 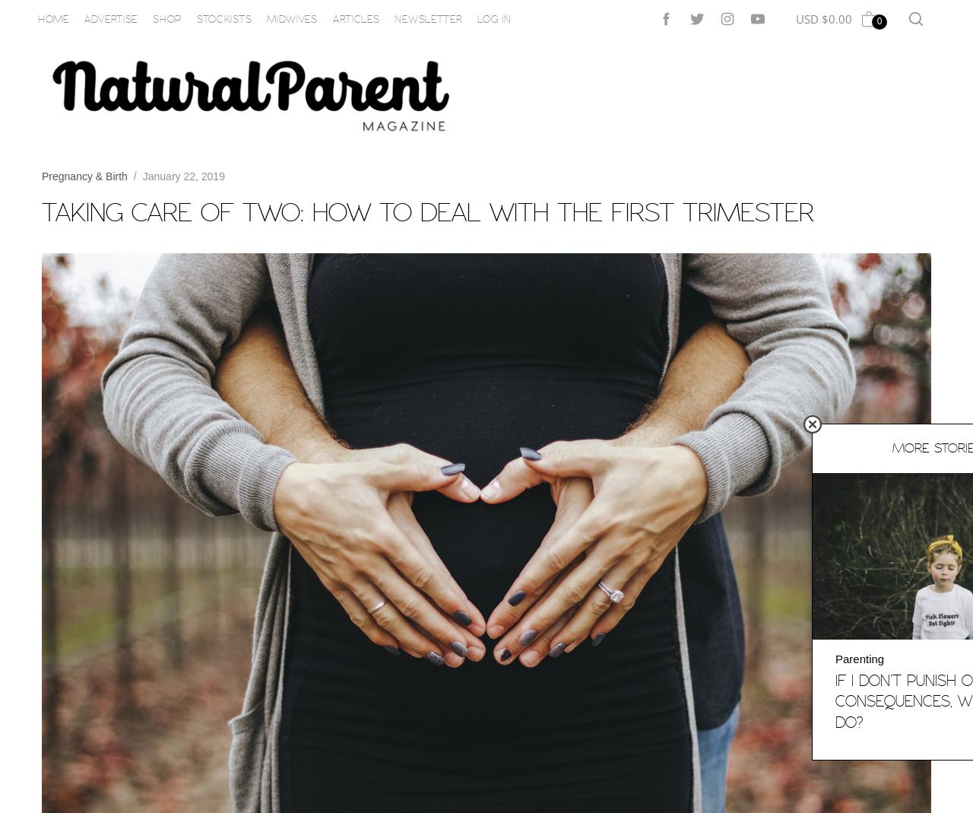 I want to click on 'Shop', so click(x=166, y=17).